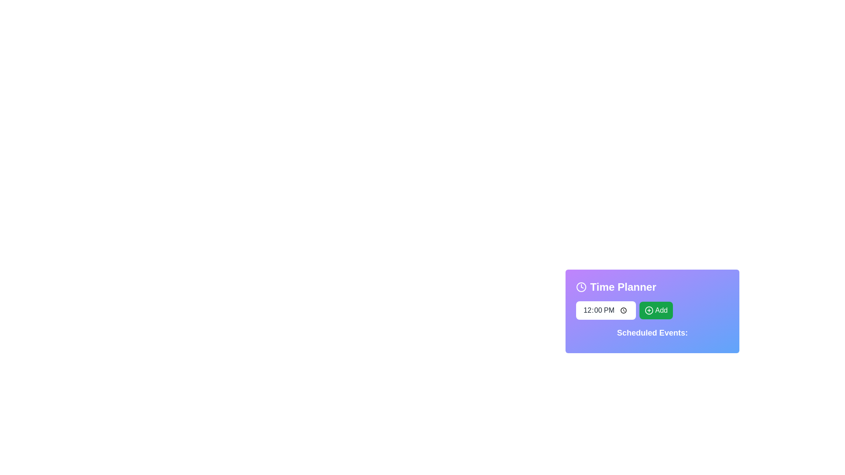  Describe the element at coordinates (656, 310) in the screenshot. I see `the button located to the right of the time input field displaying '12:00 PM', which is the second element in the purple-colored 'Time Planner' section` at that location.